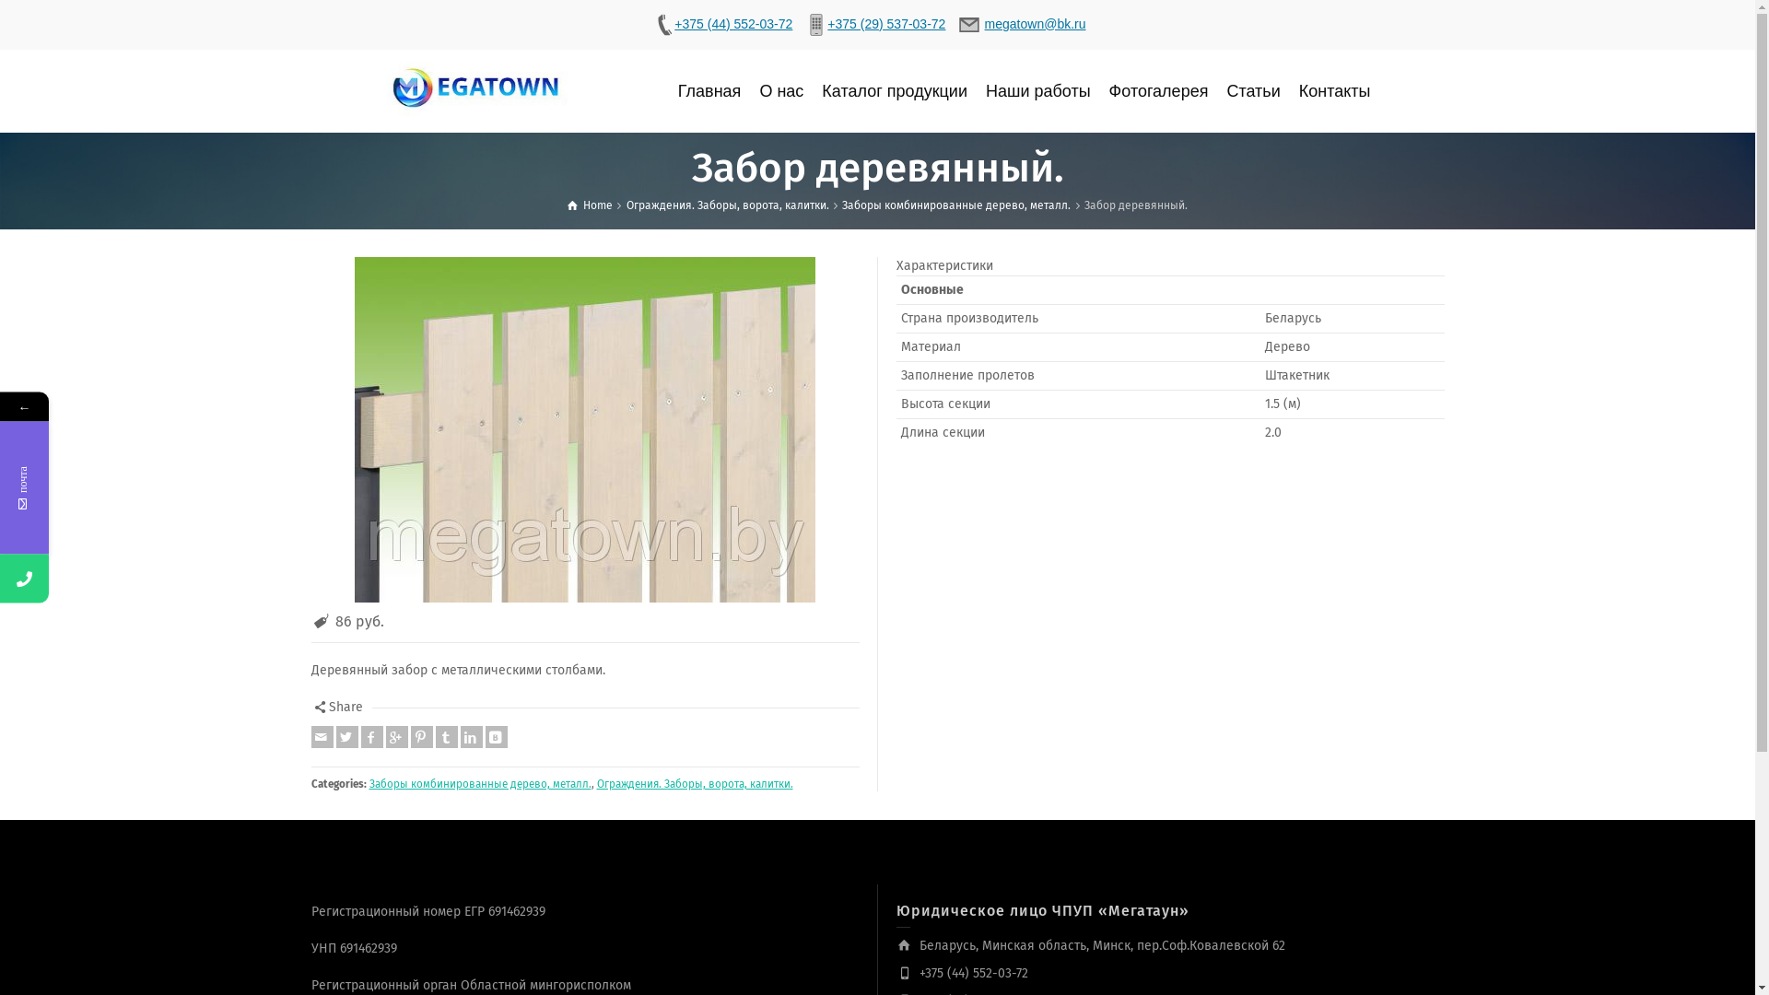 The width and height of the screenshot is (1769, 995). Describe the element at coordinates (584, 429) in the screenshot. I see `'Enlarge Image'` at that location.